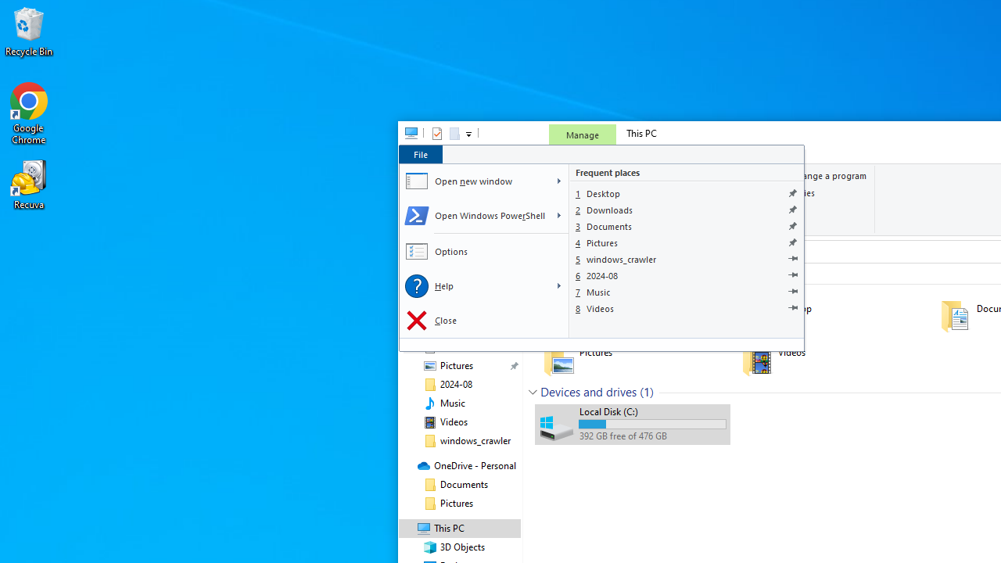 Image resolution: width=1001 pixels, height=563 pixels. Describe the element at coordinates (687, 258) in the screenshot. I see `'windows_crawler'` at that location.